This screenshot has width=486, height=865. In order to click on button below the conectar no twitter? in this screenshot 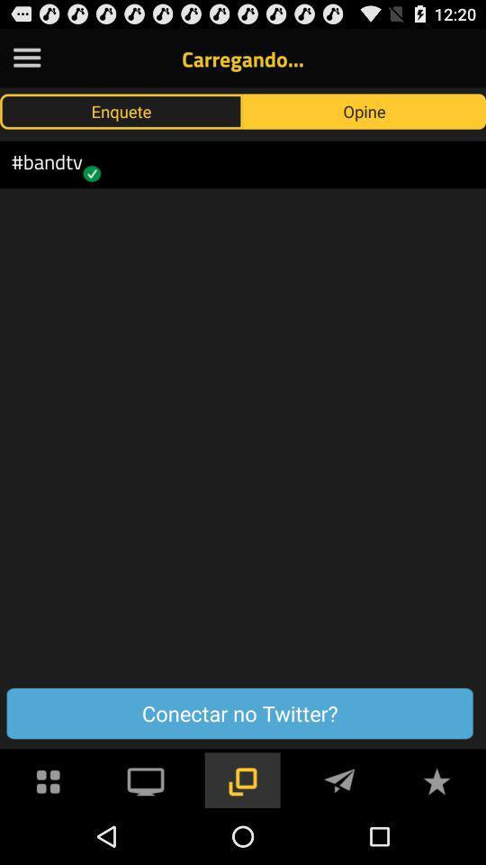, I will do `click(49, 778)`.